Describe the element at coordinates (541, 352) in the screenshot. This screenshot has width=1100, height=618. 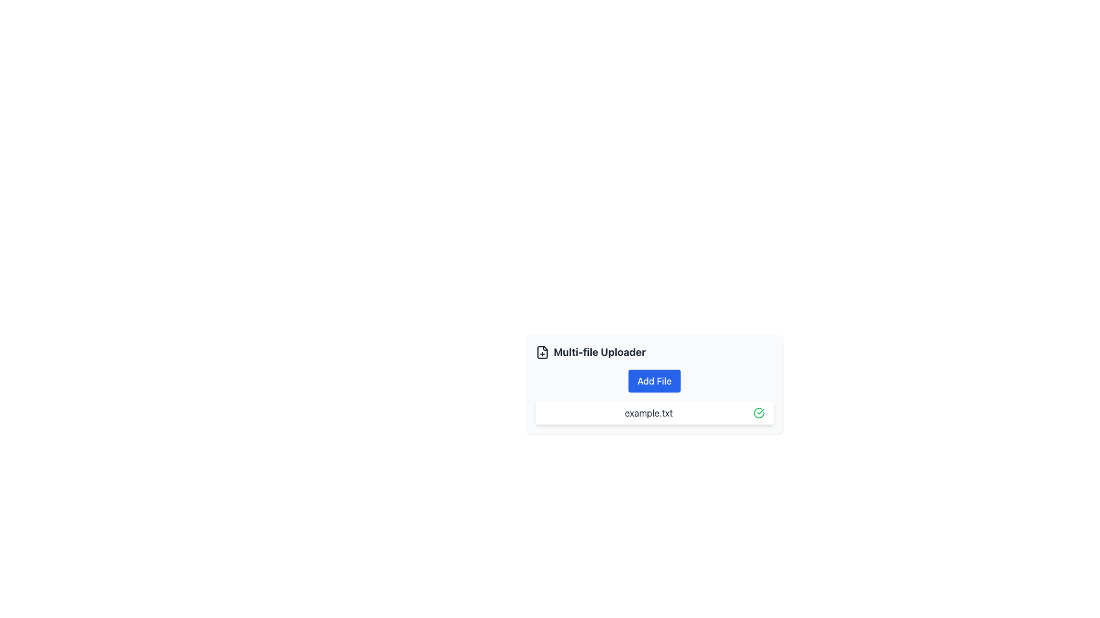
I see `the add functionality icon located to the left of the 'Multi-file Uploader' heading` at that location.